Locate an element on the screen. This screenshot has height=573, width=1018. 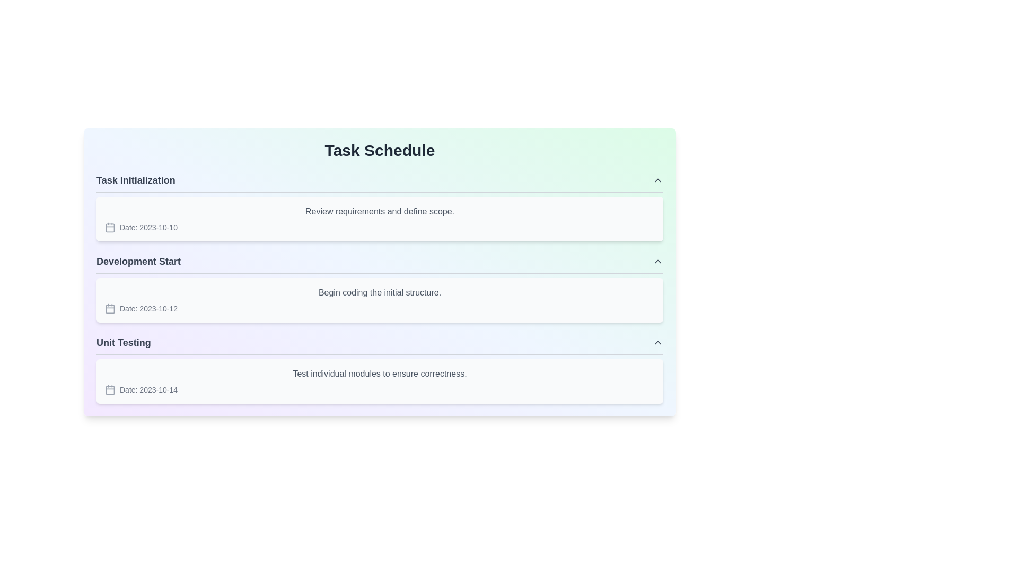
the text label displaying 'Task Initialization' by moving the cursor to its center point is located at coordinates (135, 179).